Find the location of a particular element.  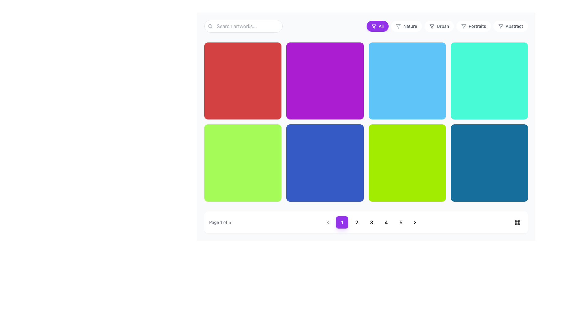

the individual filter button within the filter selection bar located at the top section of the interface, just below the search bar, to filter the content is located at coordinates (366, 26).